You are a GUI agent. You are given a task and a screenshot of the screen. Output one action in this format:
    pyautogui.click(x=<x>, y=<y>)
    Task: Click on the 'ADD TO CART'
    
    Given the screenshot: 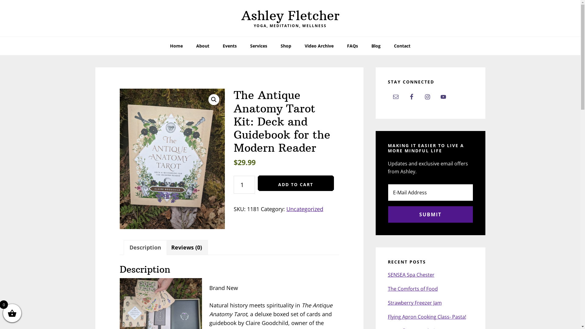 What is the action you would take?
    pyautogui.click(x=296, y=183)
    